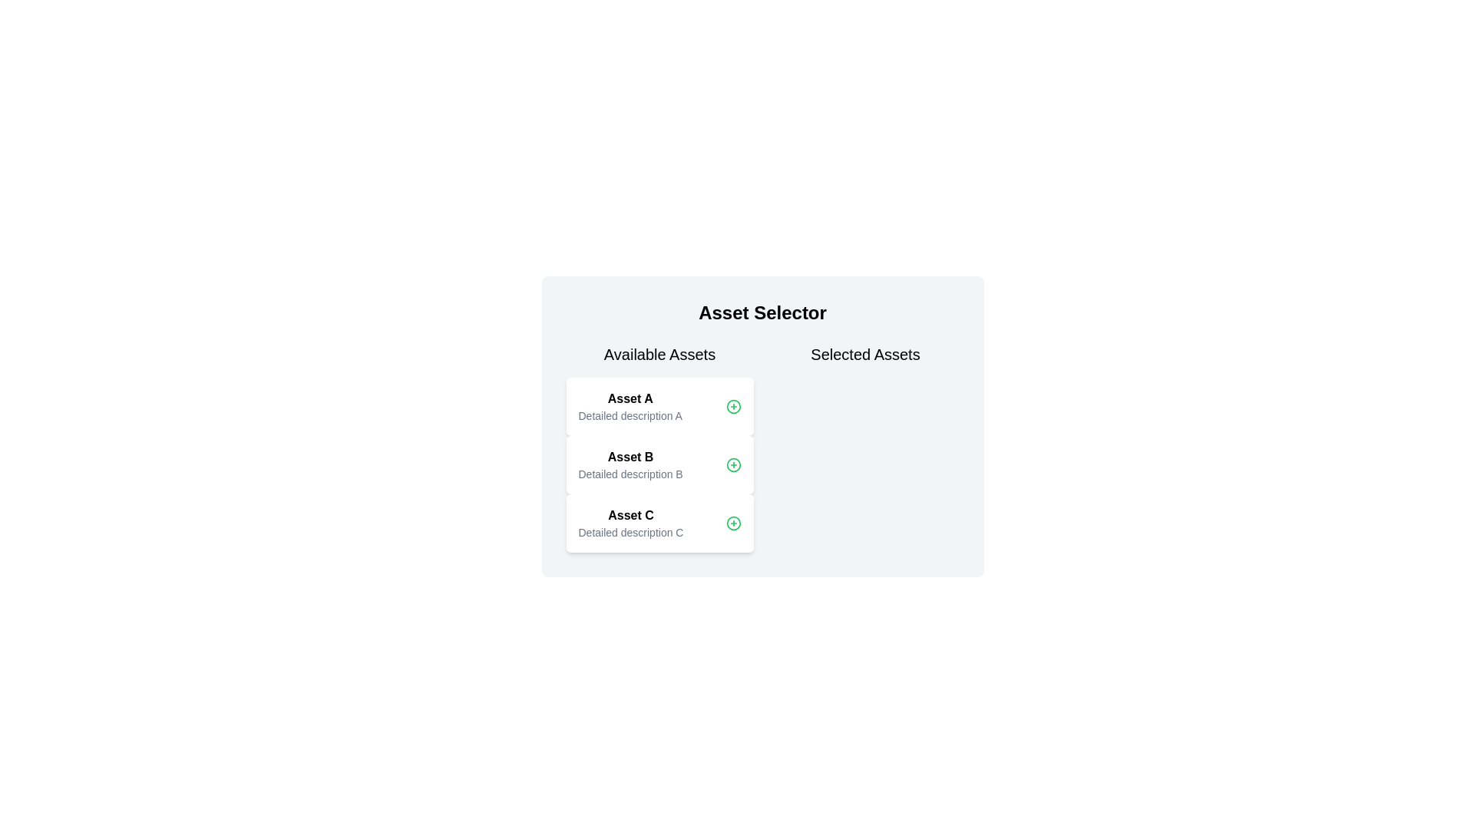 The image size is (1474, 829). What do you see at coordinates (630, 515) in the screenshot?
I see `the label displaying the bold text 'Asset C' in the 'Available Assets' section, which is the third entry in the list, located above 'Detailed description C' and below 'Asset B'` at bounding box center [630, 515].